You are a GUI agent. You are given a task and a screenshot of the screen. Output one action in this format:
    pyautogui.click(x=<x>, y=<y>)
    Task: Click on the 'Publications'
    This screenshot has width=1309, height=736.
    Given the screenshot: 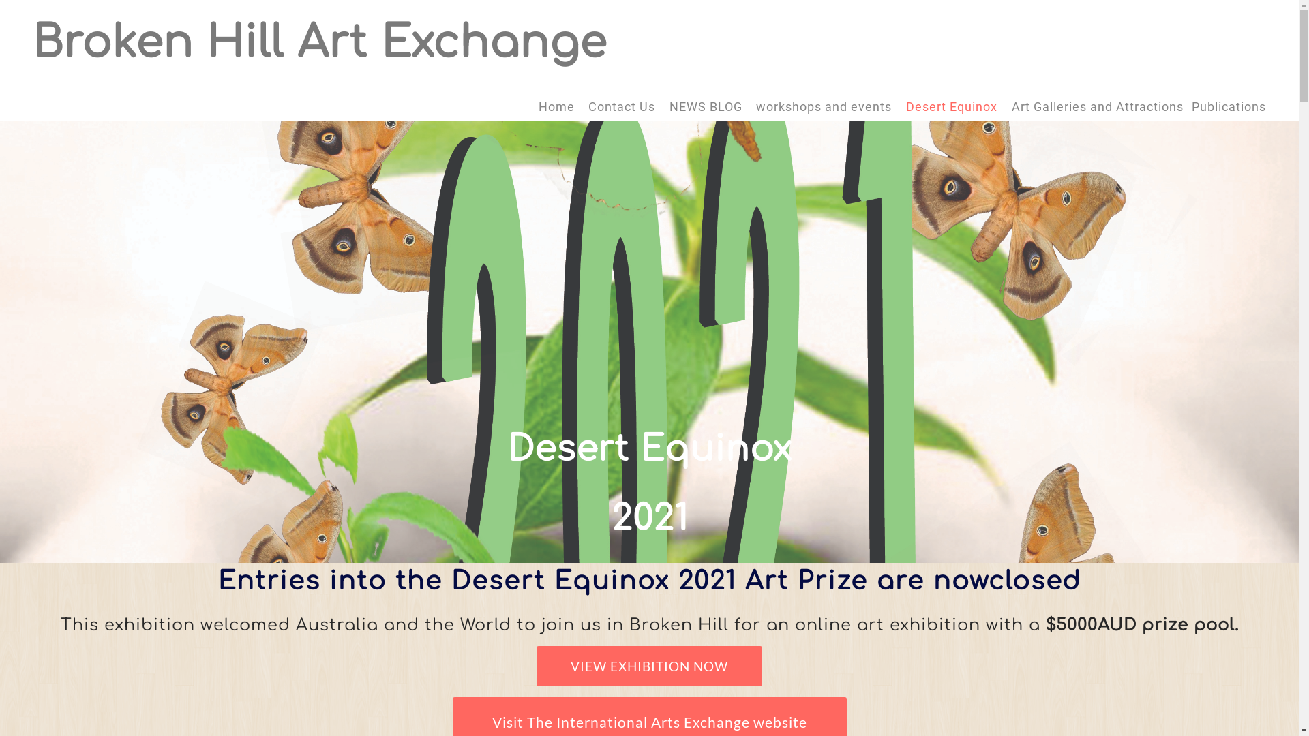 What is the action you would take?
    pyautogui.click(x=1229, y=106)
    